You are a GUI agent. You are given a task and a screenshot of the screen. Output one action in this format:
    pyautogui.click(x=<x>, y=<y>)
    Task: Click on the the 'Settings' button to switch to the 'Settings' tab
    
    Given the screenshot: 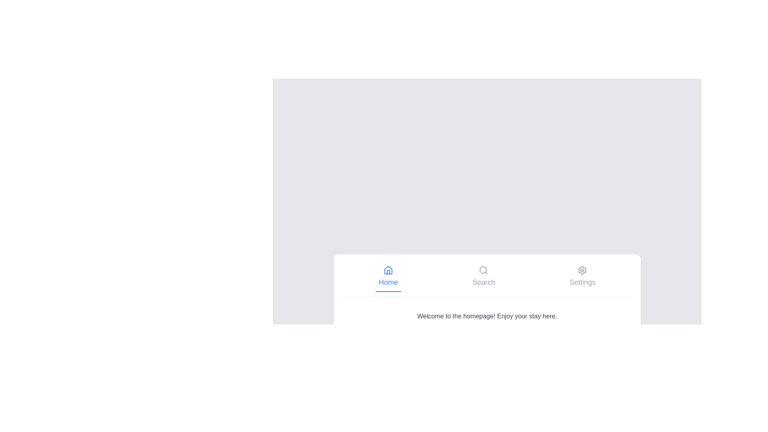 What is the action you would take?
    pyautogui.click(x=582, y=276)
    